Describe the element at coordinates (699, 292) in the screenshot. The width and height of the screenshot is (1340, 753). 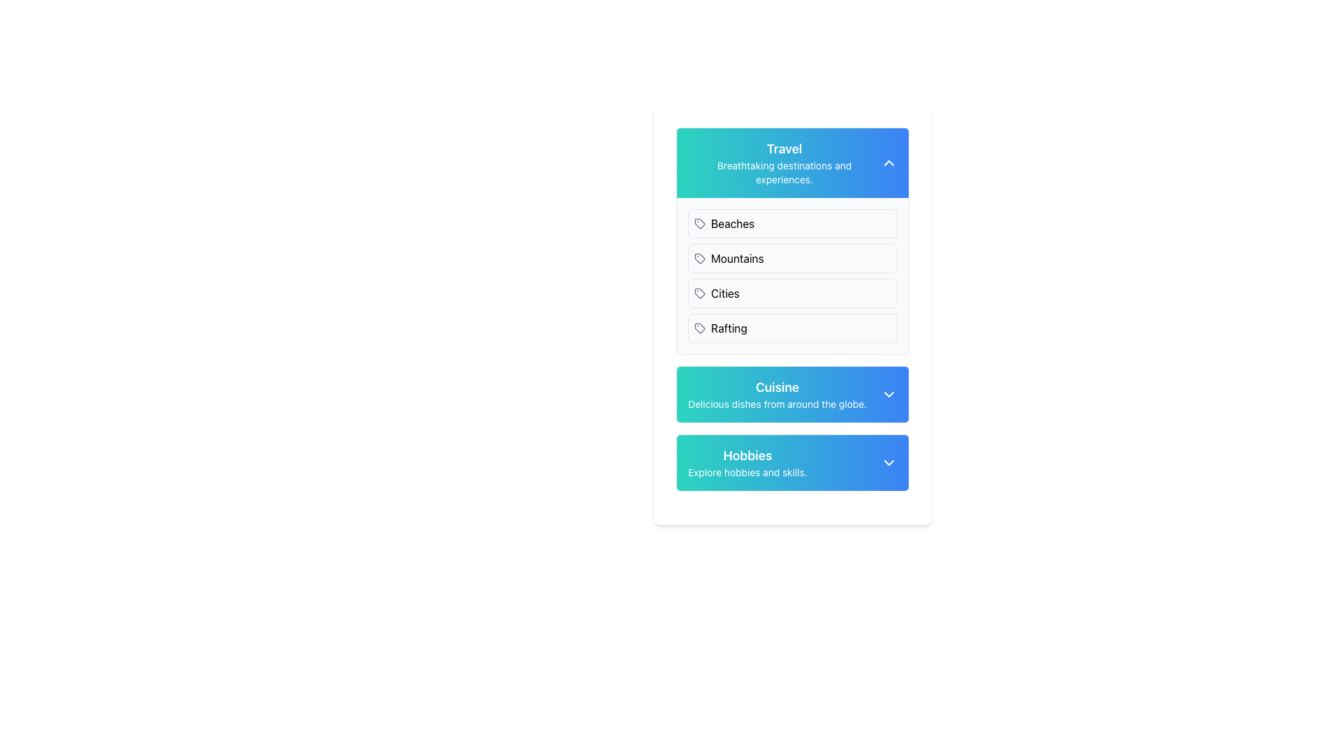
I see `the small tag icon adjacent to the text labeled 'Cities' in the list of categories under 'Travel'` at that location.